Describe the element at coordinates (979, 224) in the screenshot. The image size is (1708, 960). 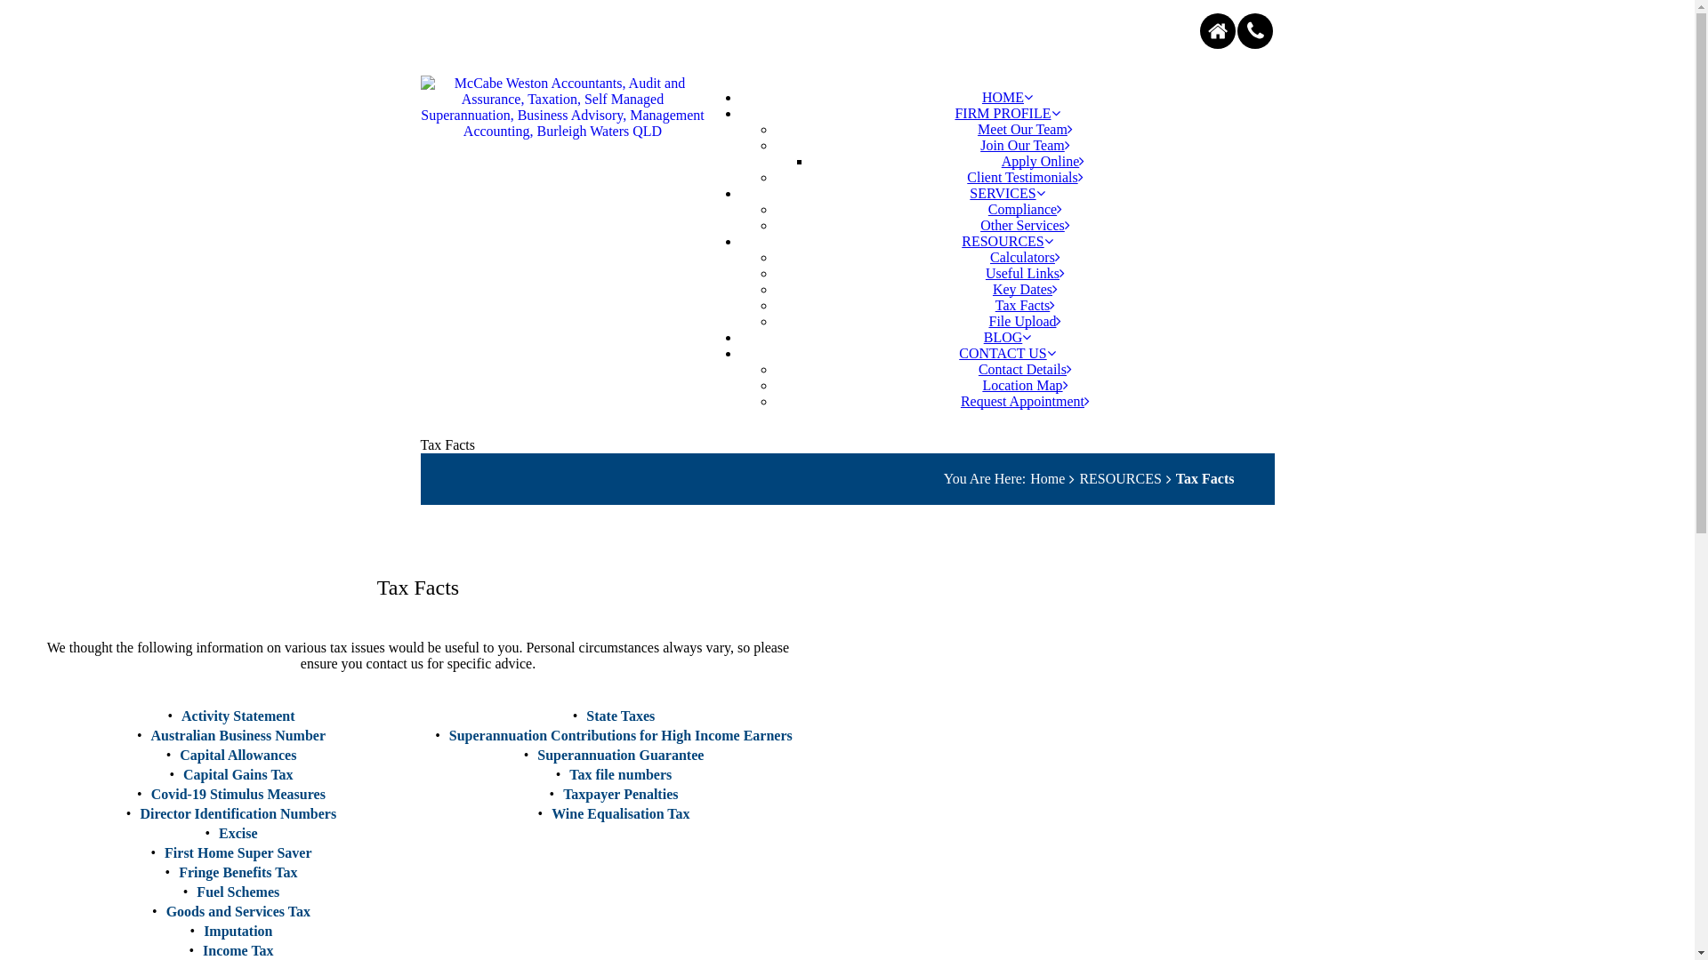
I see `'Other Services'` at that location.